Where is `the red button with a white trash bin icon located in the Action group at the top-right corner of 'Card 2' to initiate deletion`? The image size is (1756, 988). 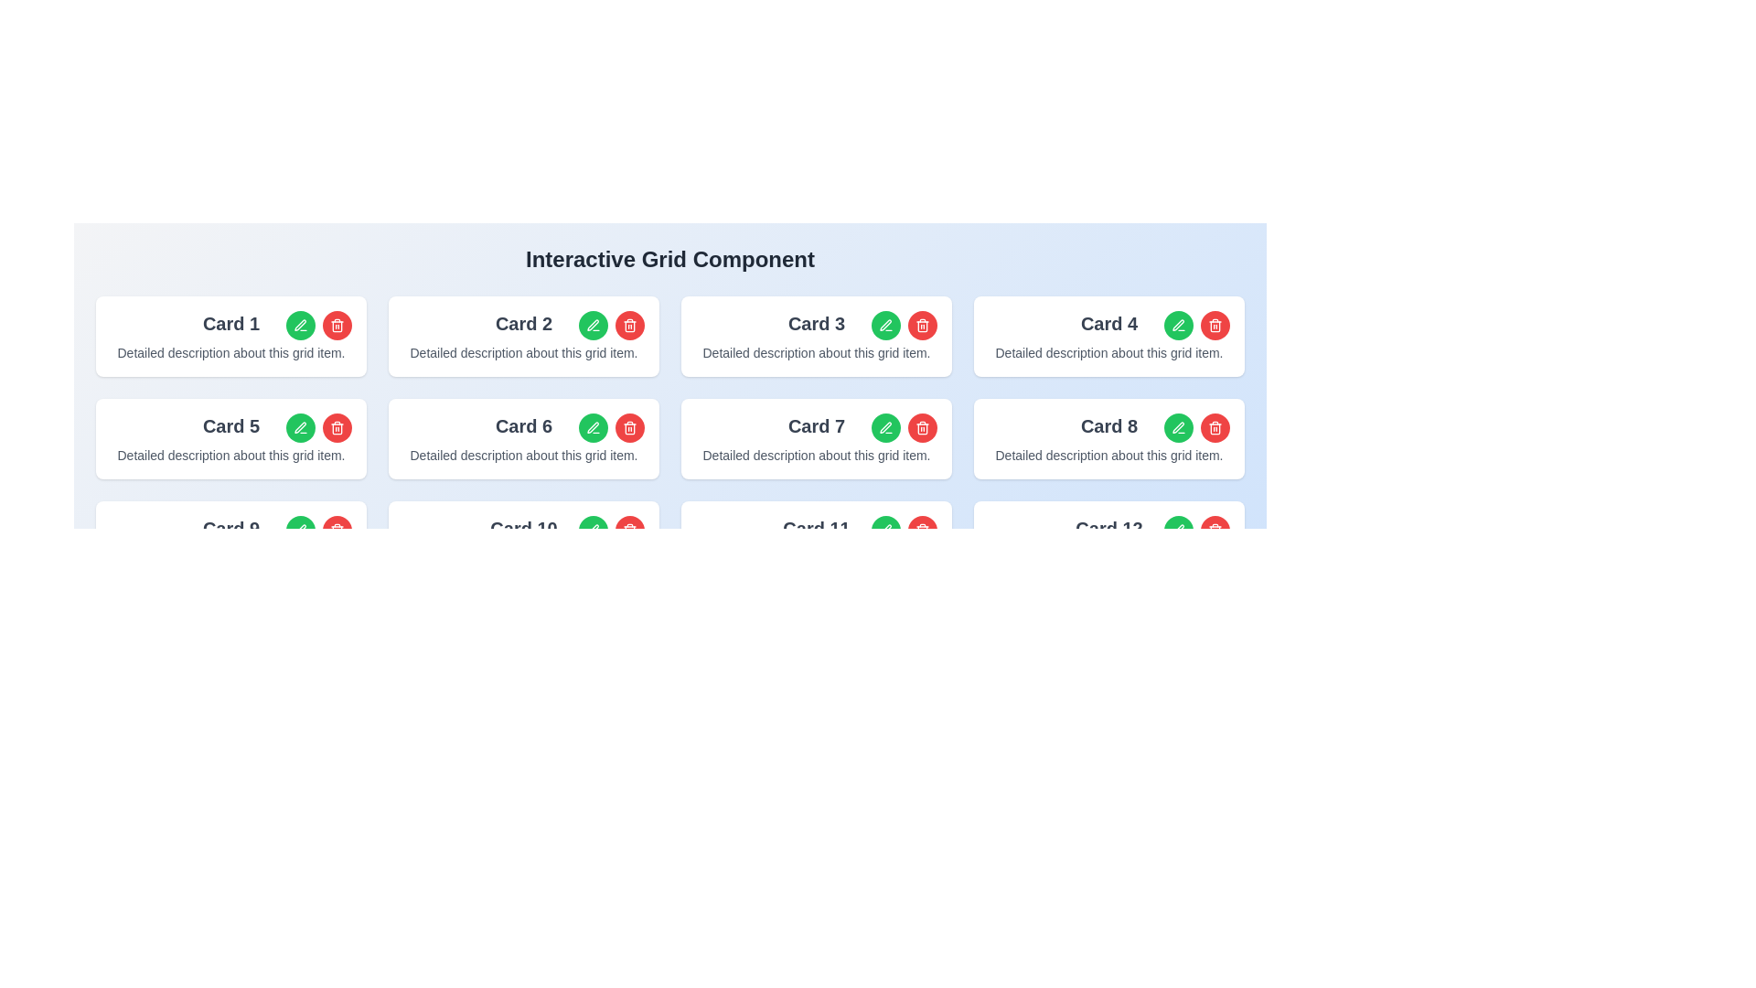
the red button with a white trash bin icon located in the Action group at the top-right corner of 'Card 2' to initiate deletion is located at coordinates (611, 324).